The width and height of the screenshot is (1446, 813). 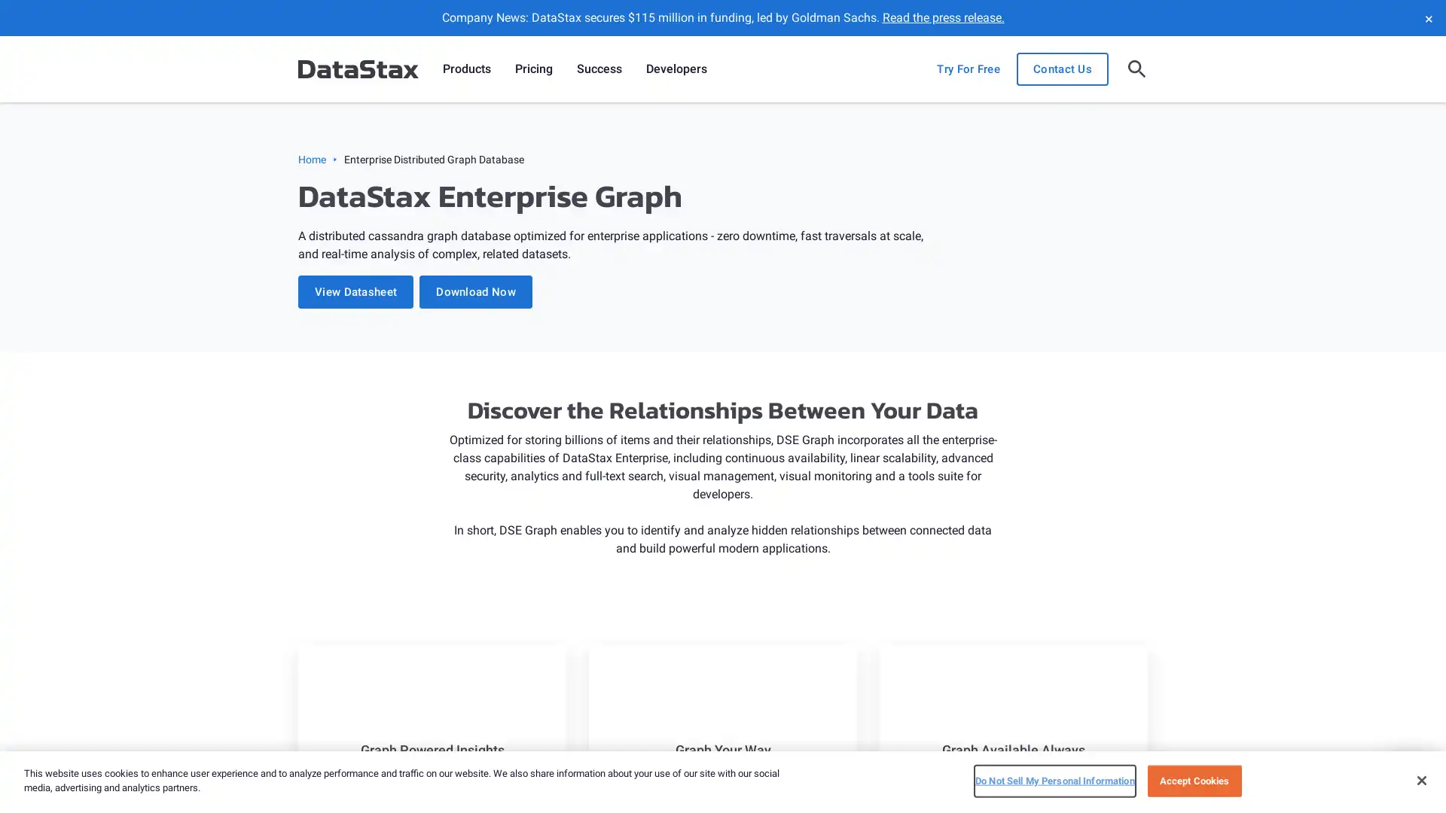 What do you see at coordinates (1054, 780) in the screenshot?
I see `Do Not Sell My Personal Information` at bounding box center [1054, 780].